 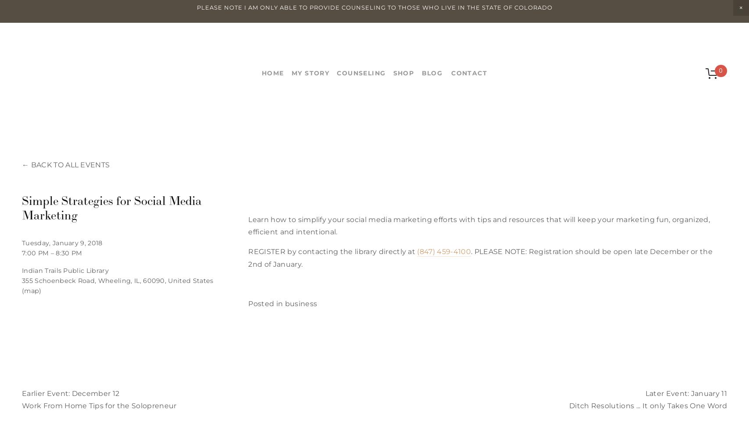 What do you see at coordinates (32, 291) in the screenshot?
I see `'(map)'` at bounding box center [32, 291].